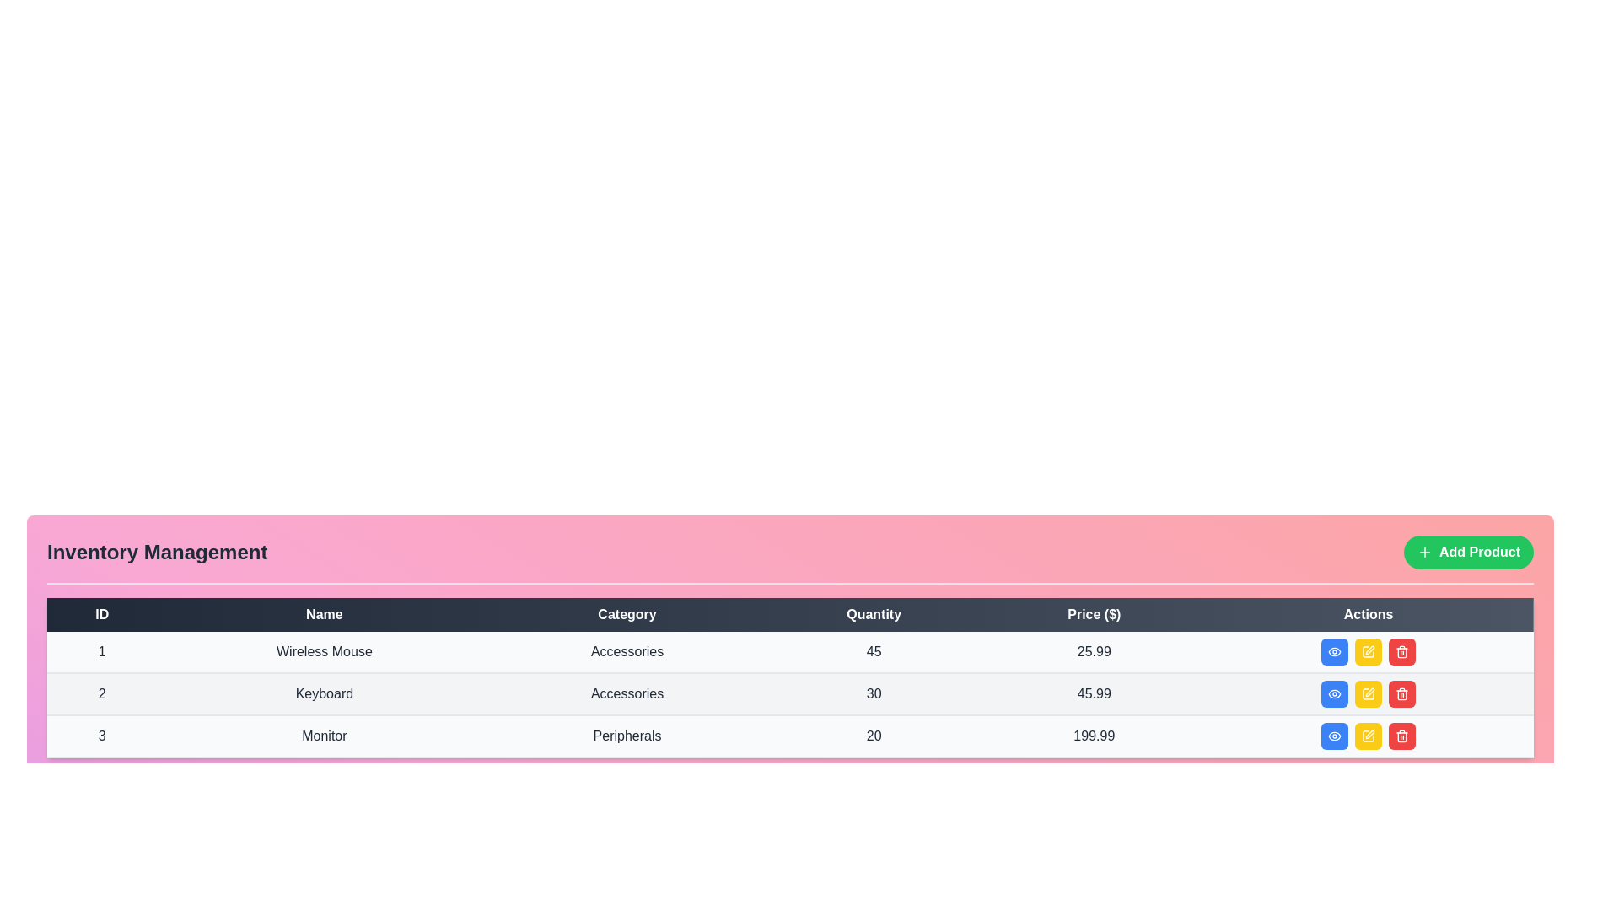  What do you see at coordinates (1369, 650) in the screenshot?
I see `the yellow edit button with a pen icon located in the Actions column of the table to initiate editing` at bounding box center [1369, 650].